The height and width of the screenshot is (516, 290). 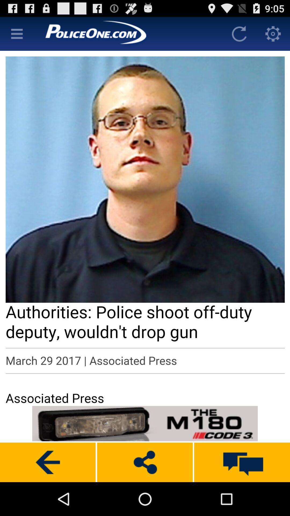 I want to click on massage box, so click(x=242, y=462).